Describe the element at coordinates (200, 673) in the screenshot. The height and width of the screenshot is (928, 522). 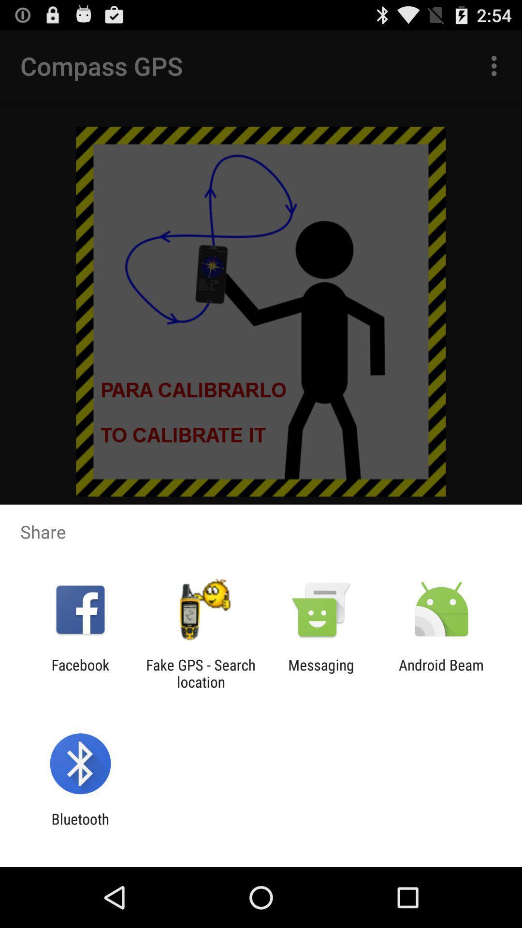
I see `item next to the facebook app` at that location.